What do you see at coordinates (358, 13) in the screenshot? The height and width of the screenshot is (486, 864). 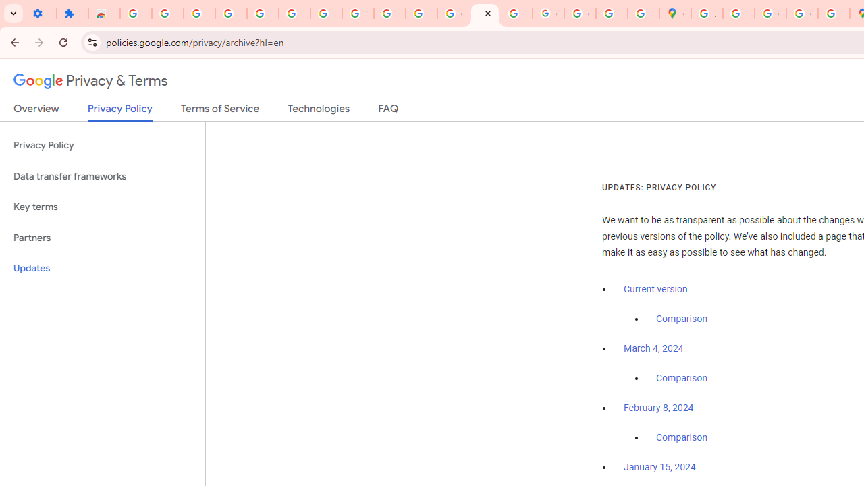 I see `'YouTube'` at bounding box center [358, 13].